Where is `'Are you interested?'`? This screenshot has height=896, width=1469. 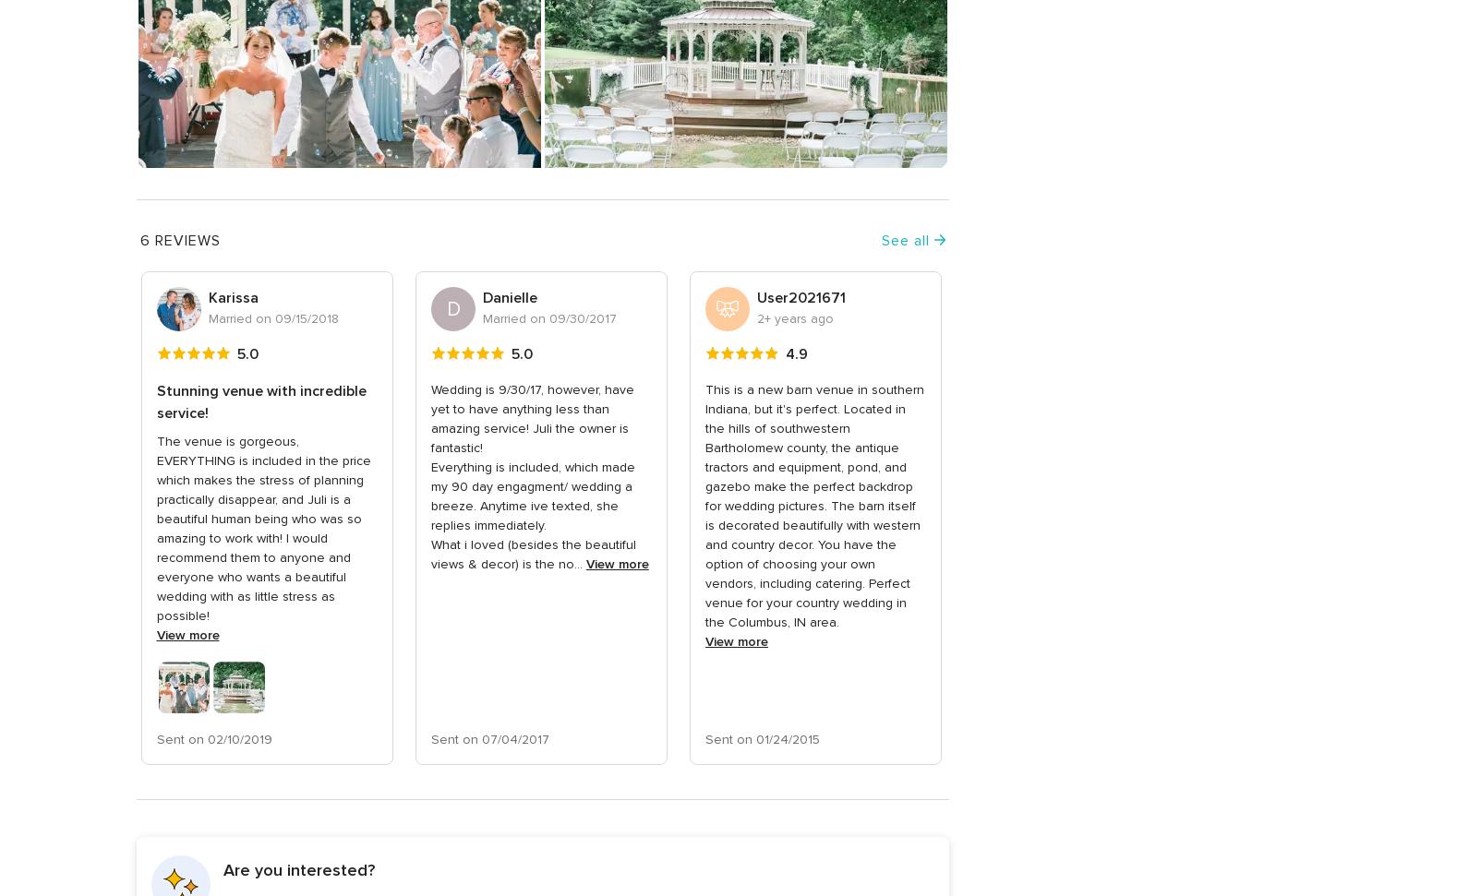 'Are you interested?' is located at coordinates (222, 867).